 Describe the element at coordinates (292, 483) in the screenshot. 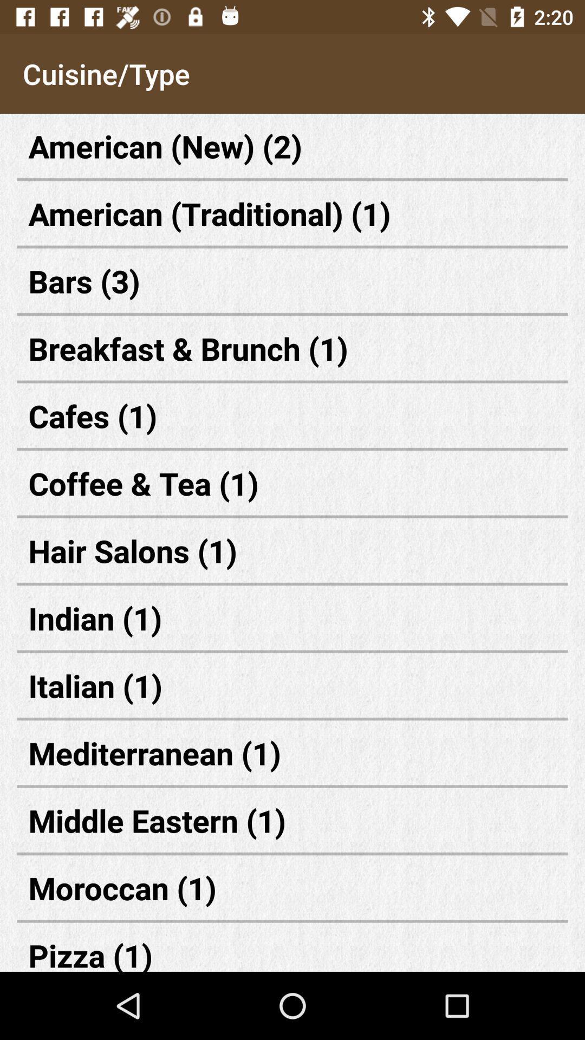

I see `icon above hair salons (1) item` at that location.